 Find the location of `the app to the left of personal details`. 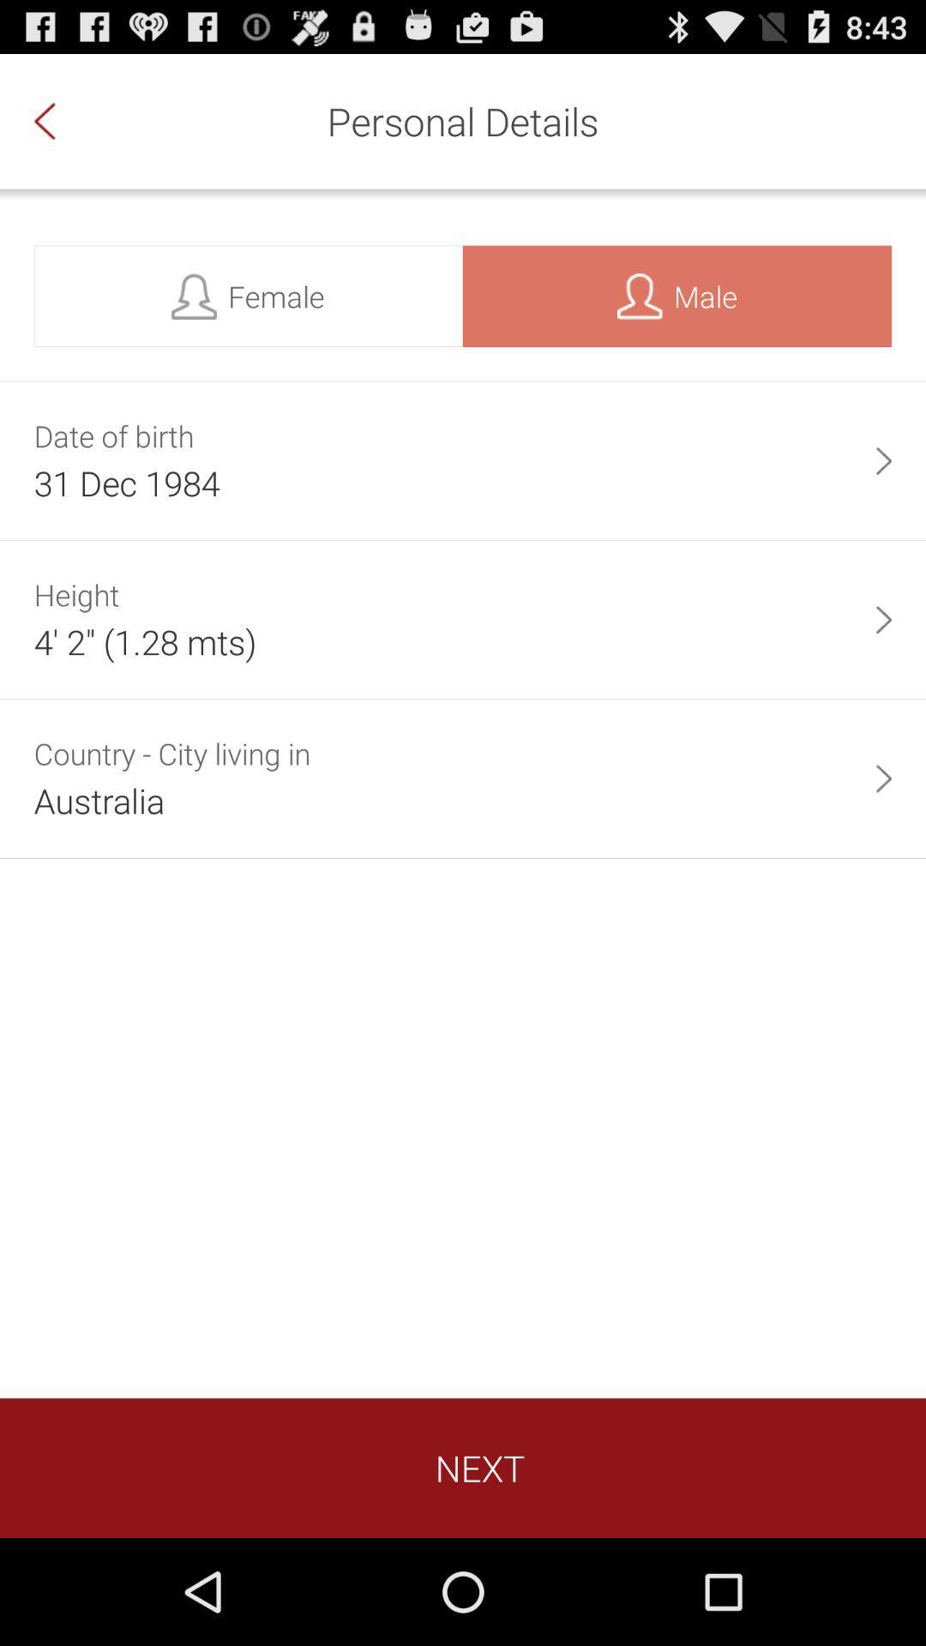

the app to the left of personal details is located at coordinates (62, 120).